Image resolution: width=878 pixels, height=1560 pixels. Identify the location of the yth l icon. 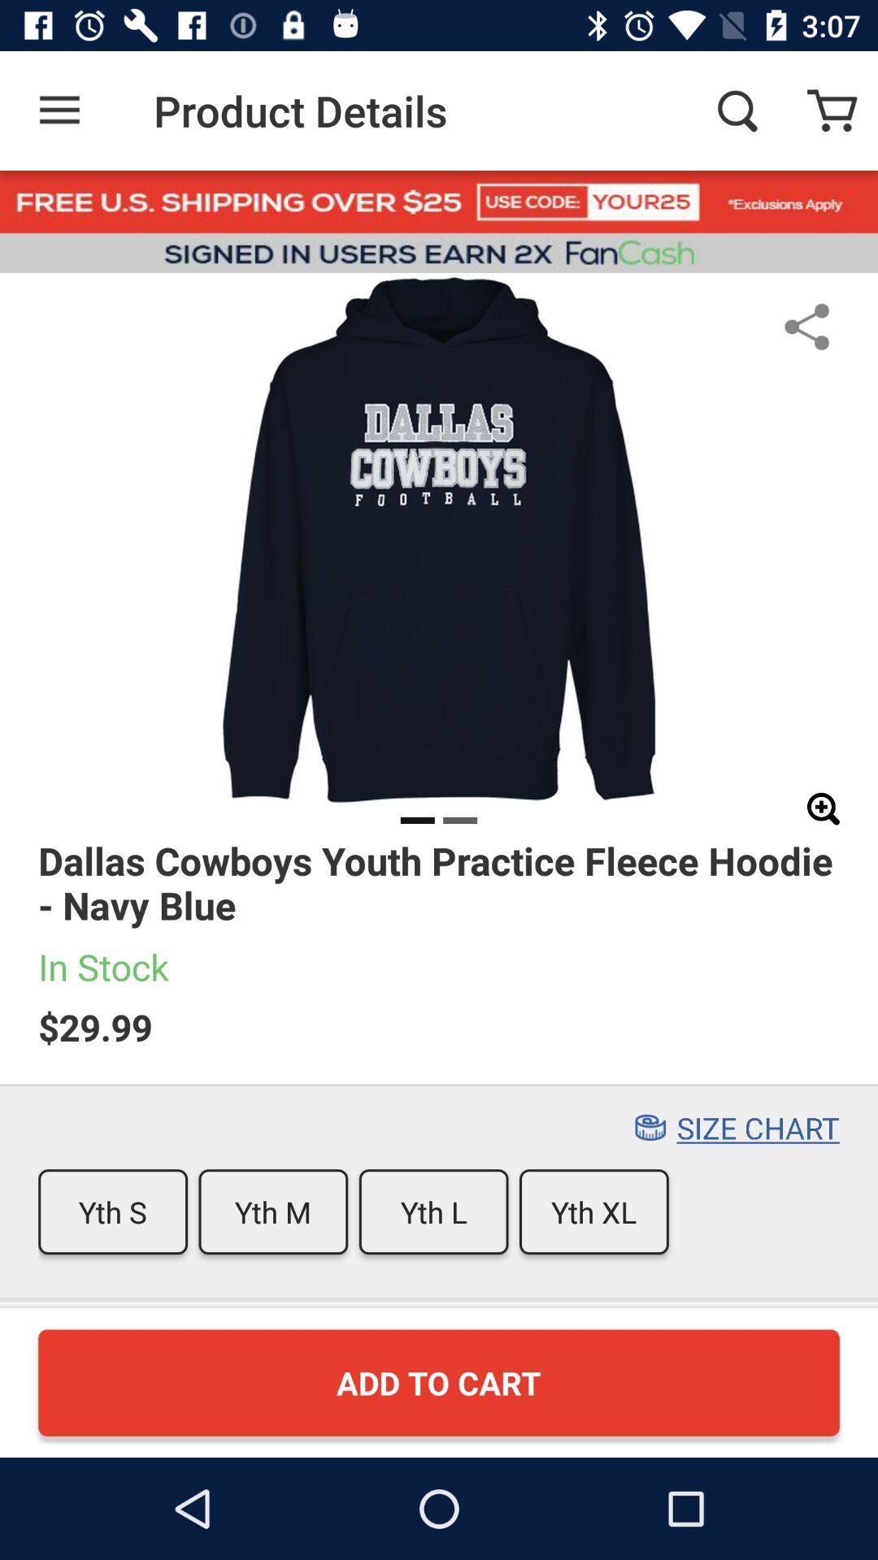
(432, 1211).